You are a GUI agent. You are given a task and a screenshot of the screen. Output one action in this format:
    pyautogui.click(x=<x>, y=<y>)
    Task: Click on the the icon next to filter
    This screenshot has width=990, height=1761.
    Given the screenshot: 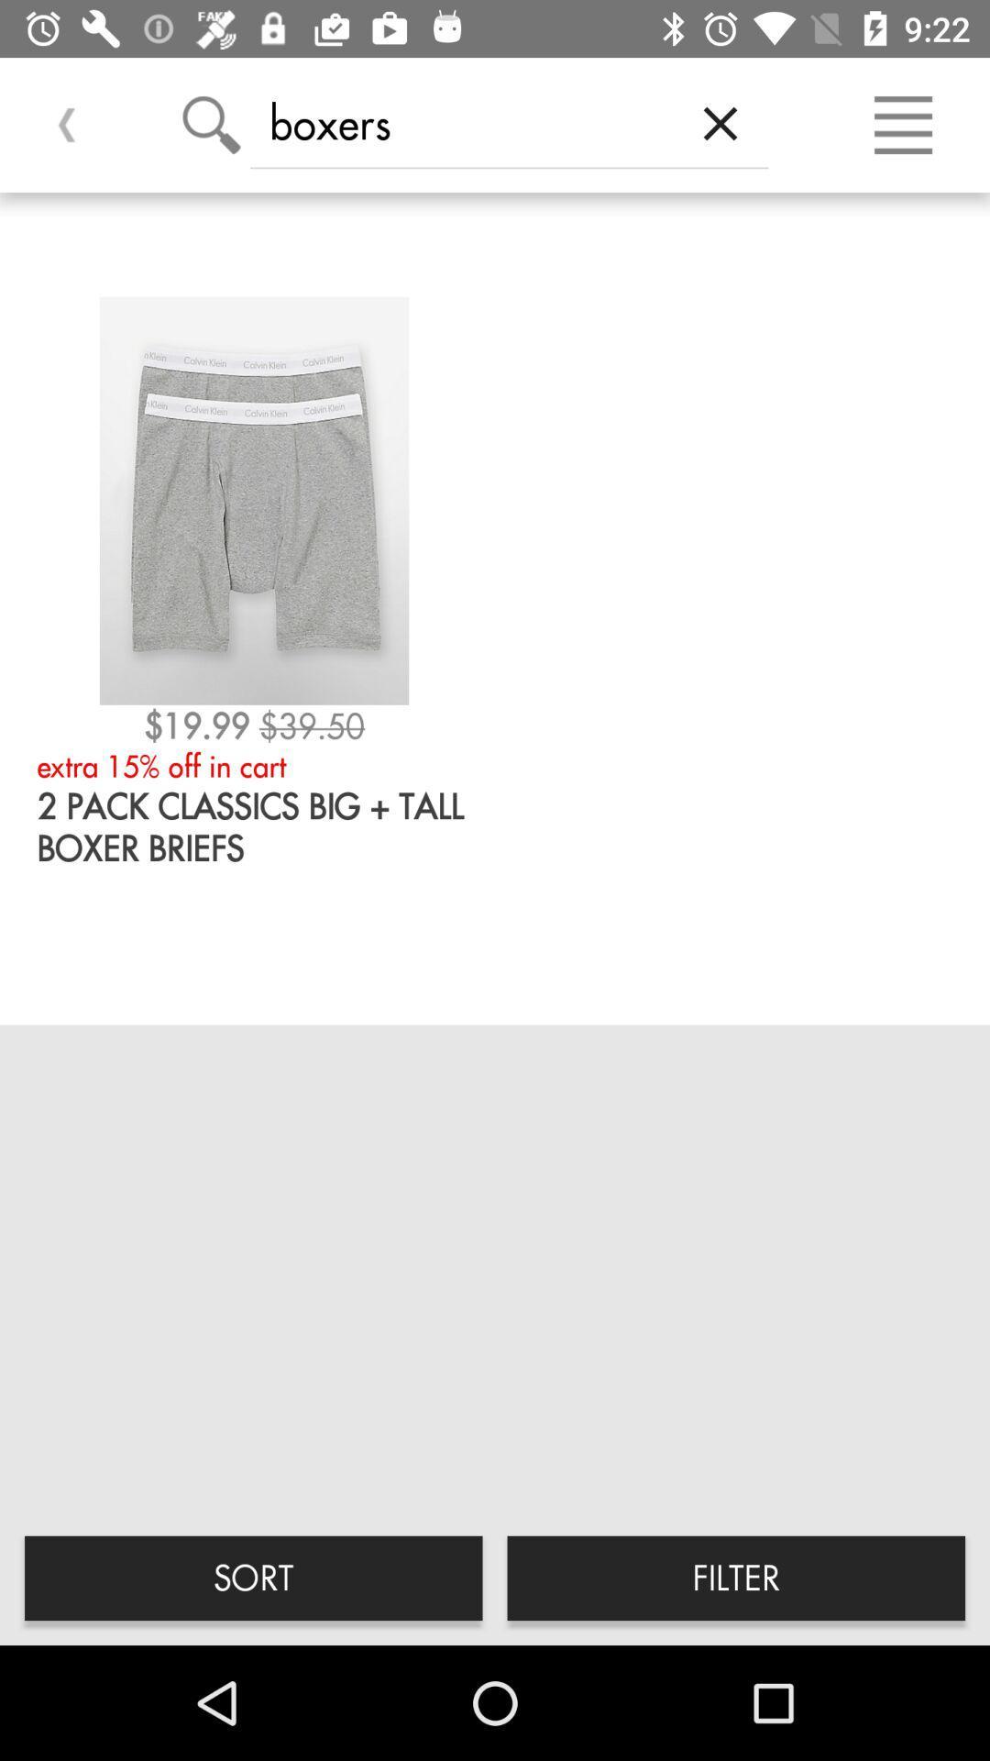 What is the action you would take?
    pyautogui.click(x=253, y=1577)
    